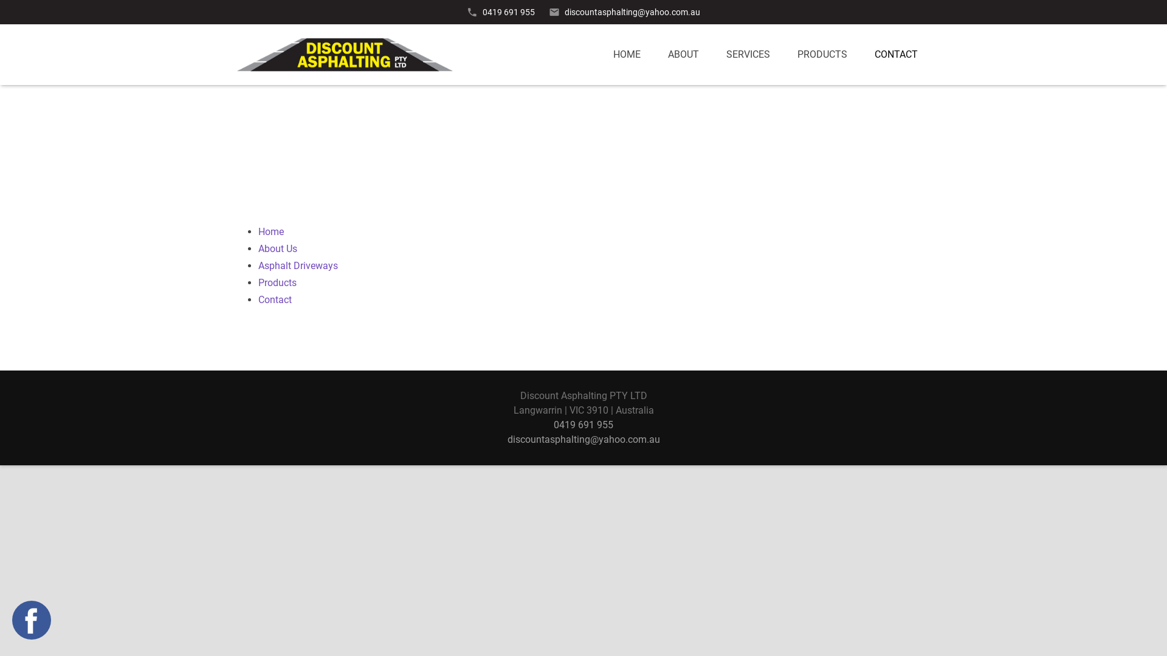 This screenshot has height=656, width=1167. Describe the element at coordinates (655, 53) in the screenshot. I see `'ABOUT'` at that location.